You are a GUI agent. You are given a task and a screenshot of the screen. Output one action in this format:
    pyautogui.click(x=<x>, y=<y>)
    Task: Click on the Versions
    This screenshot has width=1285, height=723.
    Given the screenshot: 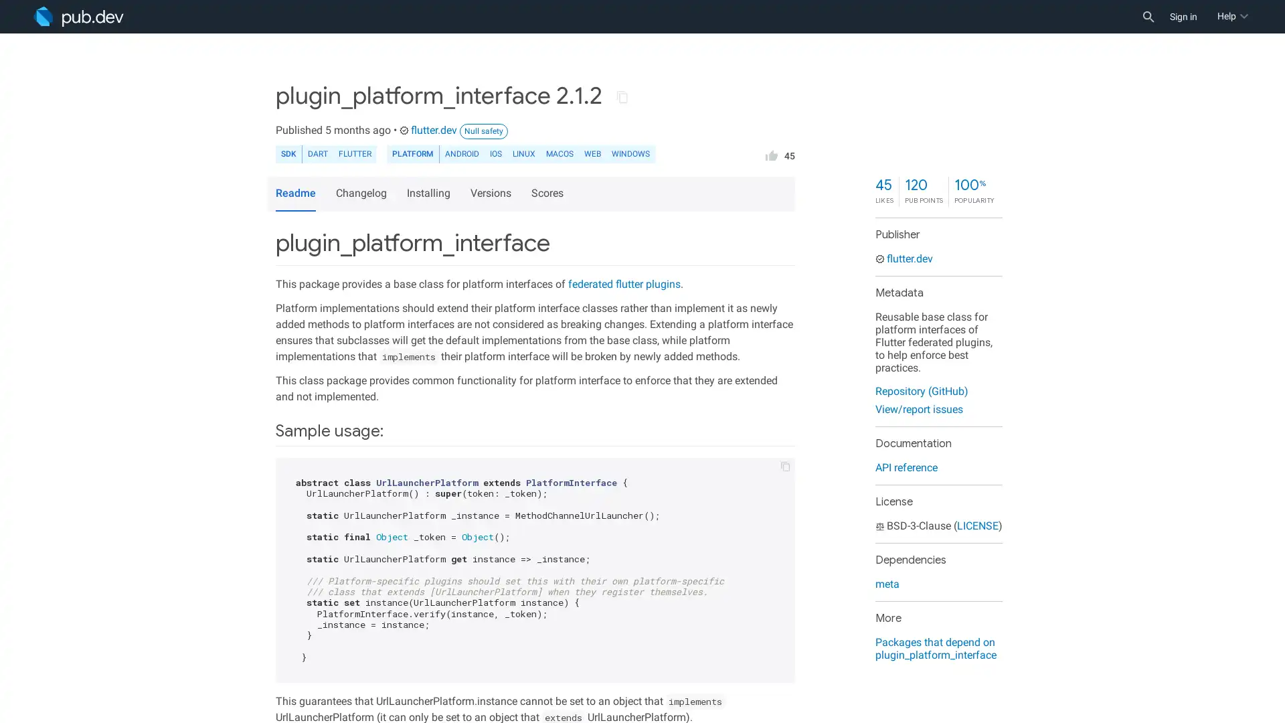 What is the action you would take?
    pyautogui.click(x=492, y=193)
    